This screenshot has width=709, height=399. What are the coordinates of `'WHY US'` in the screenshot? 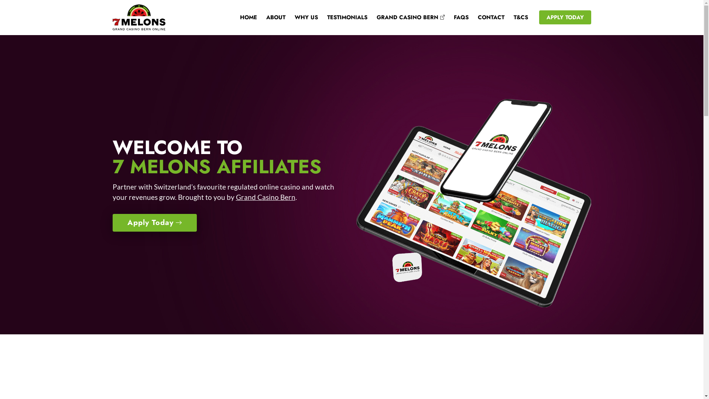 It's located at (285, 17).